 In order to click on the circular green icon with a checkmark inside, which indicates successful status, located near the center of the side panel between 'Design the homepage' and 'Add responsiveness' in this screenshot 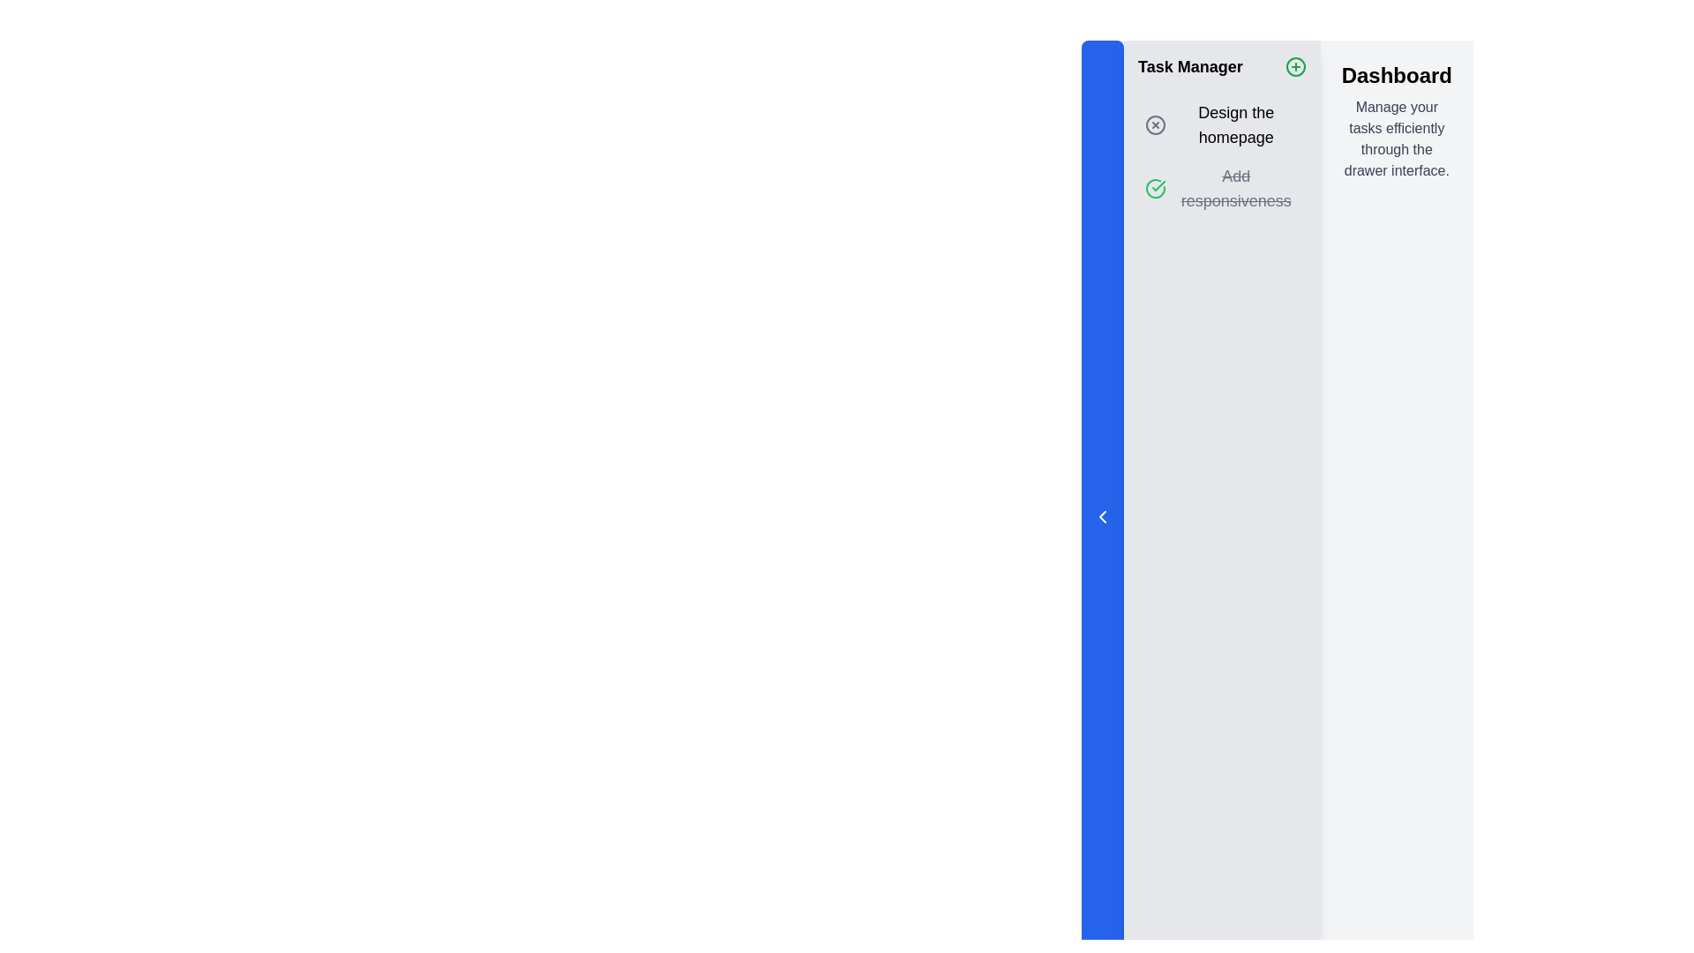, I will do `click(1156, 188)`.